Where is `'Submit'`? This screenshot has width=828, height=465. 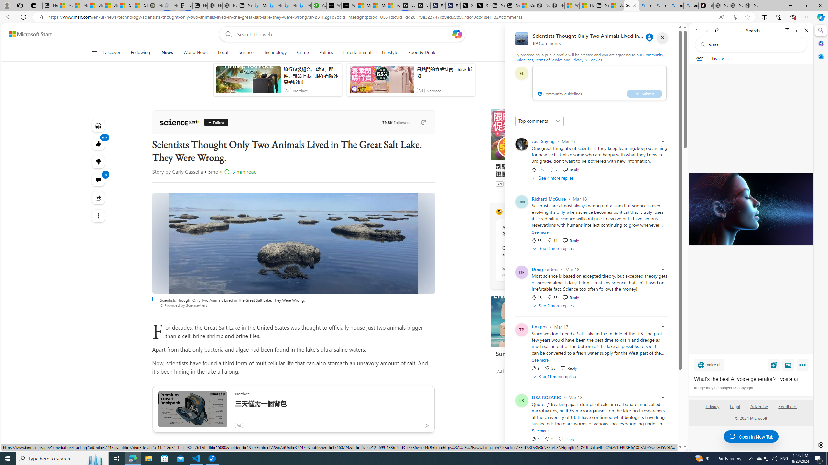
'Submit' is located at coordinates (644, 93).